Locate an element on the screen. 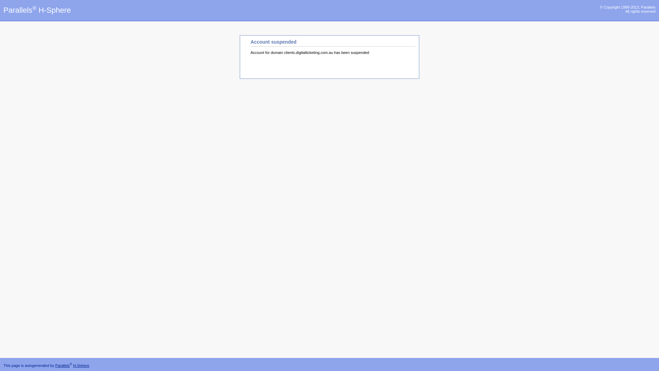 The image size is (659, 371). 'Parallels' is located at coordinates (62, 365).